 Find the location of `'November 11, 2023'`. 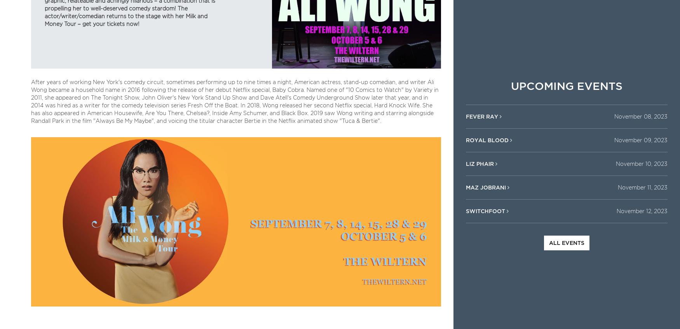

'November 11, 2023' is located at coordinates (642, 186).